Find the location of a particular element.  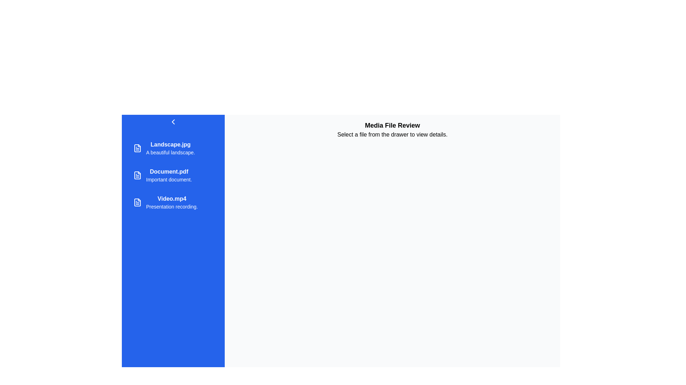

the list item labeled 'Video.mp4', which is the third item in the vertical file list located in the left panel is located at coordinates (173, 202).